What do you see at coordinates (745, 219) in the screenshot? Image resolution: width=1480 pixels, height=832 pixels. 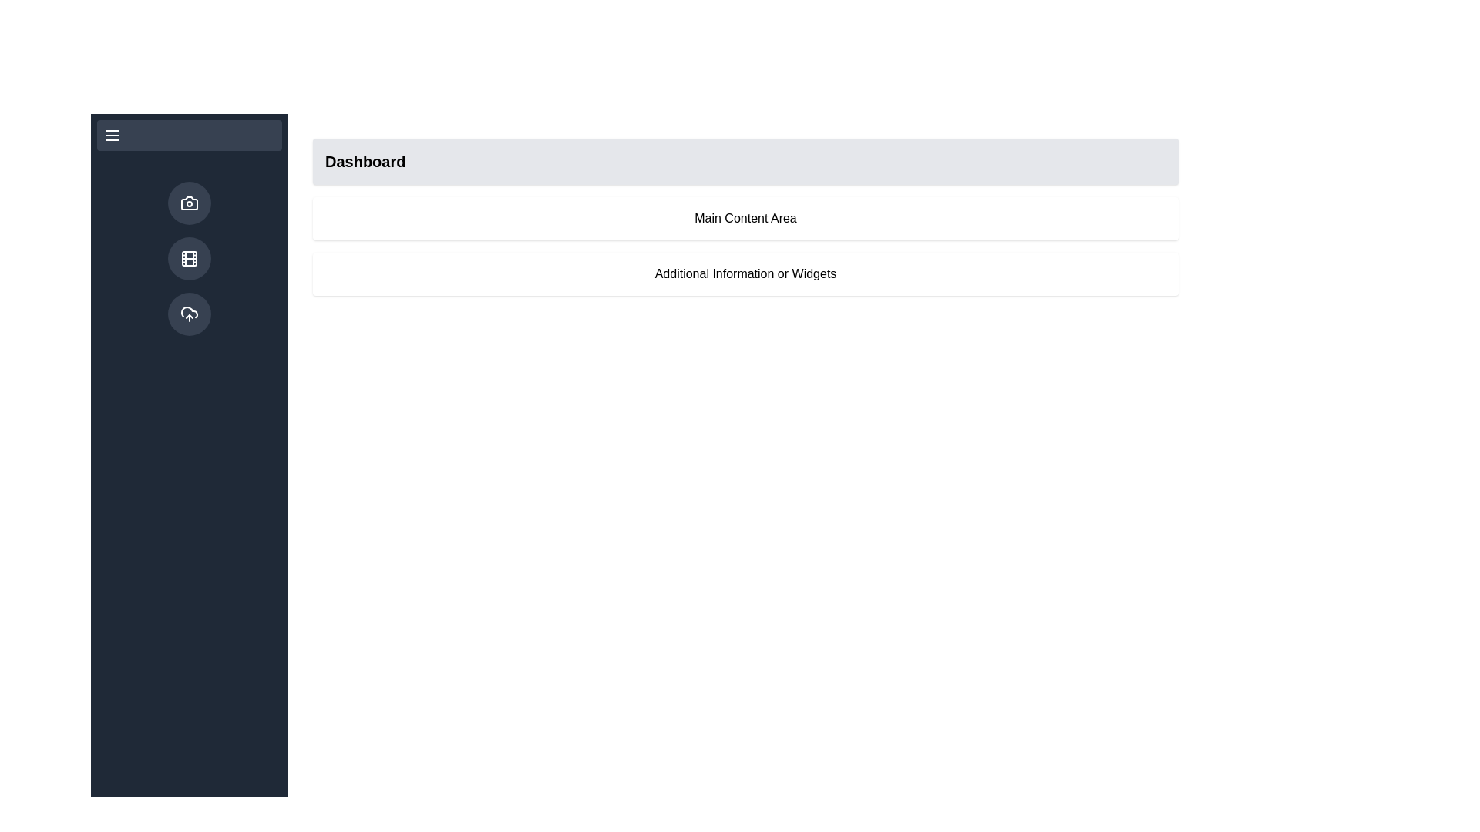 I see `text from the label displaying 'Main Content Area', which is styled with black text on a white background, located in the main content section below the 'Dashboard' heading` at bounding box center [745, 219].